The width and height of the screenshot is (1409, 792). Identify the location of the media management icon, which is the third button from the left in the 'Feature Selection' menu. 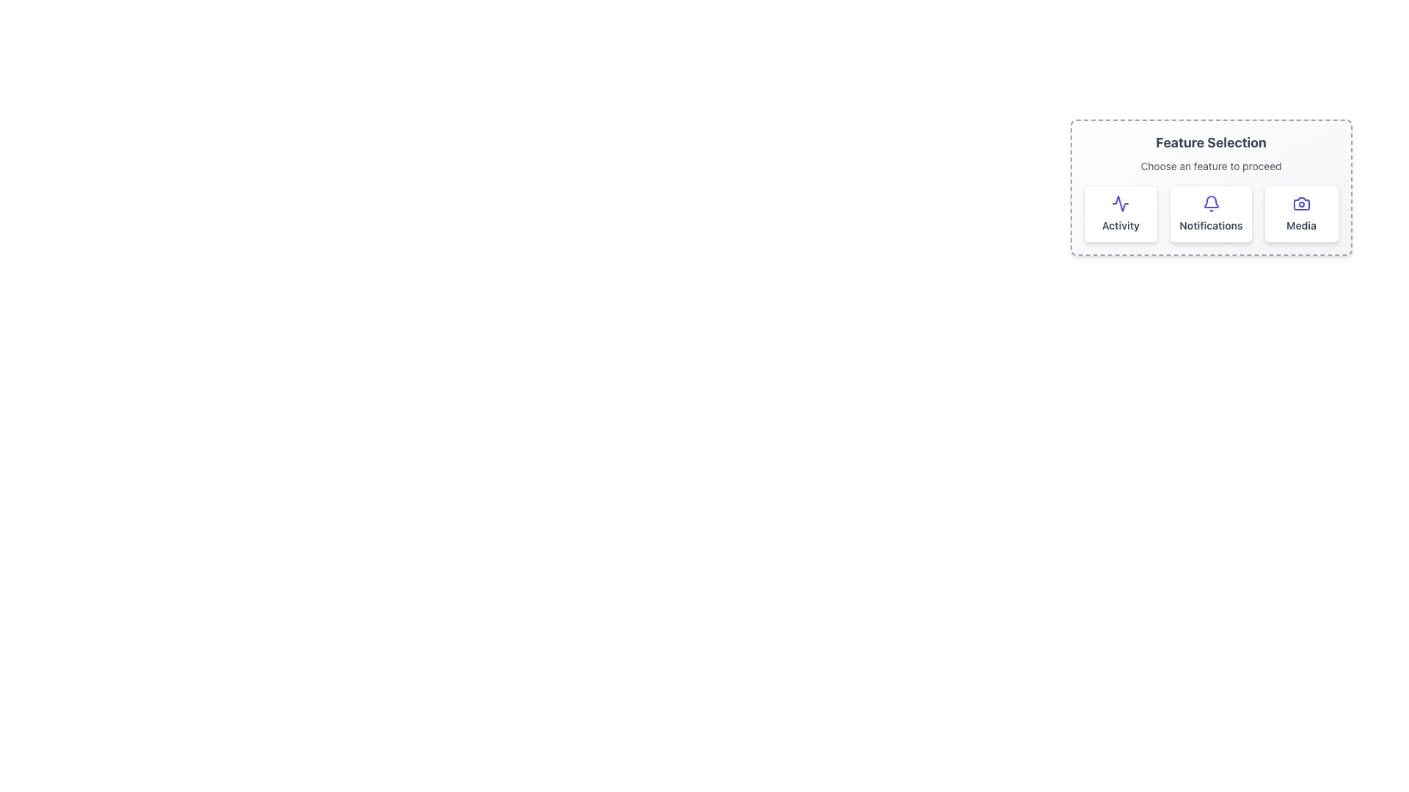
(1301, 203).